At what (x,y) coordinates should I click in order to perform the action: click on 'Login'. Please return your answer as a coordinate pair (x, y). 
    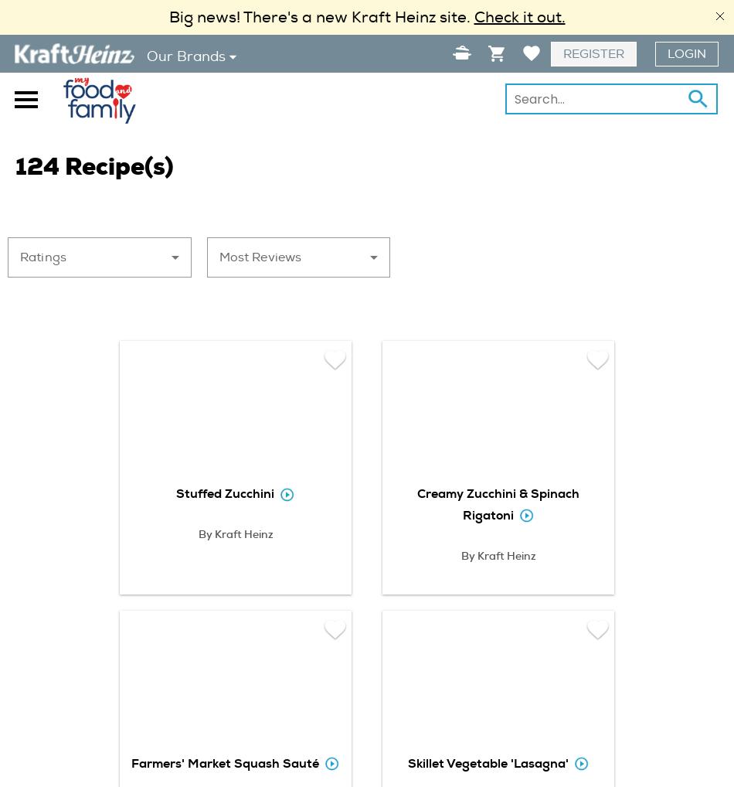
    Looking at the image, I should click on (667, 54).